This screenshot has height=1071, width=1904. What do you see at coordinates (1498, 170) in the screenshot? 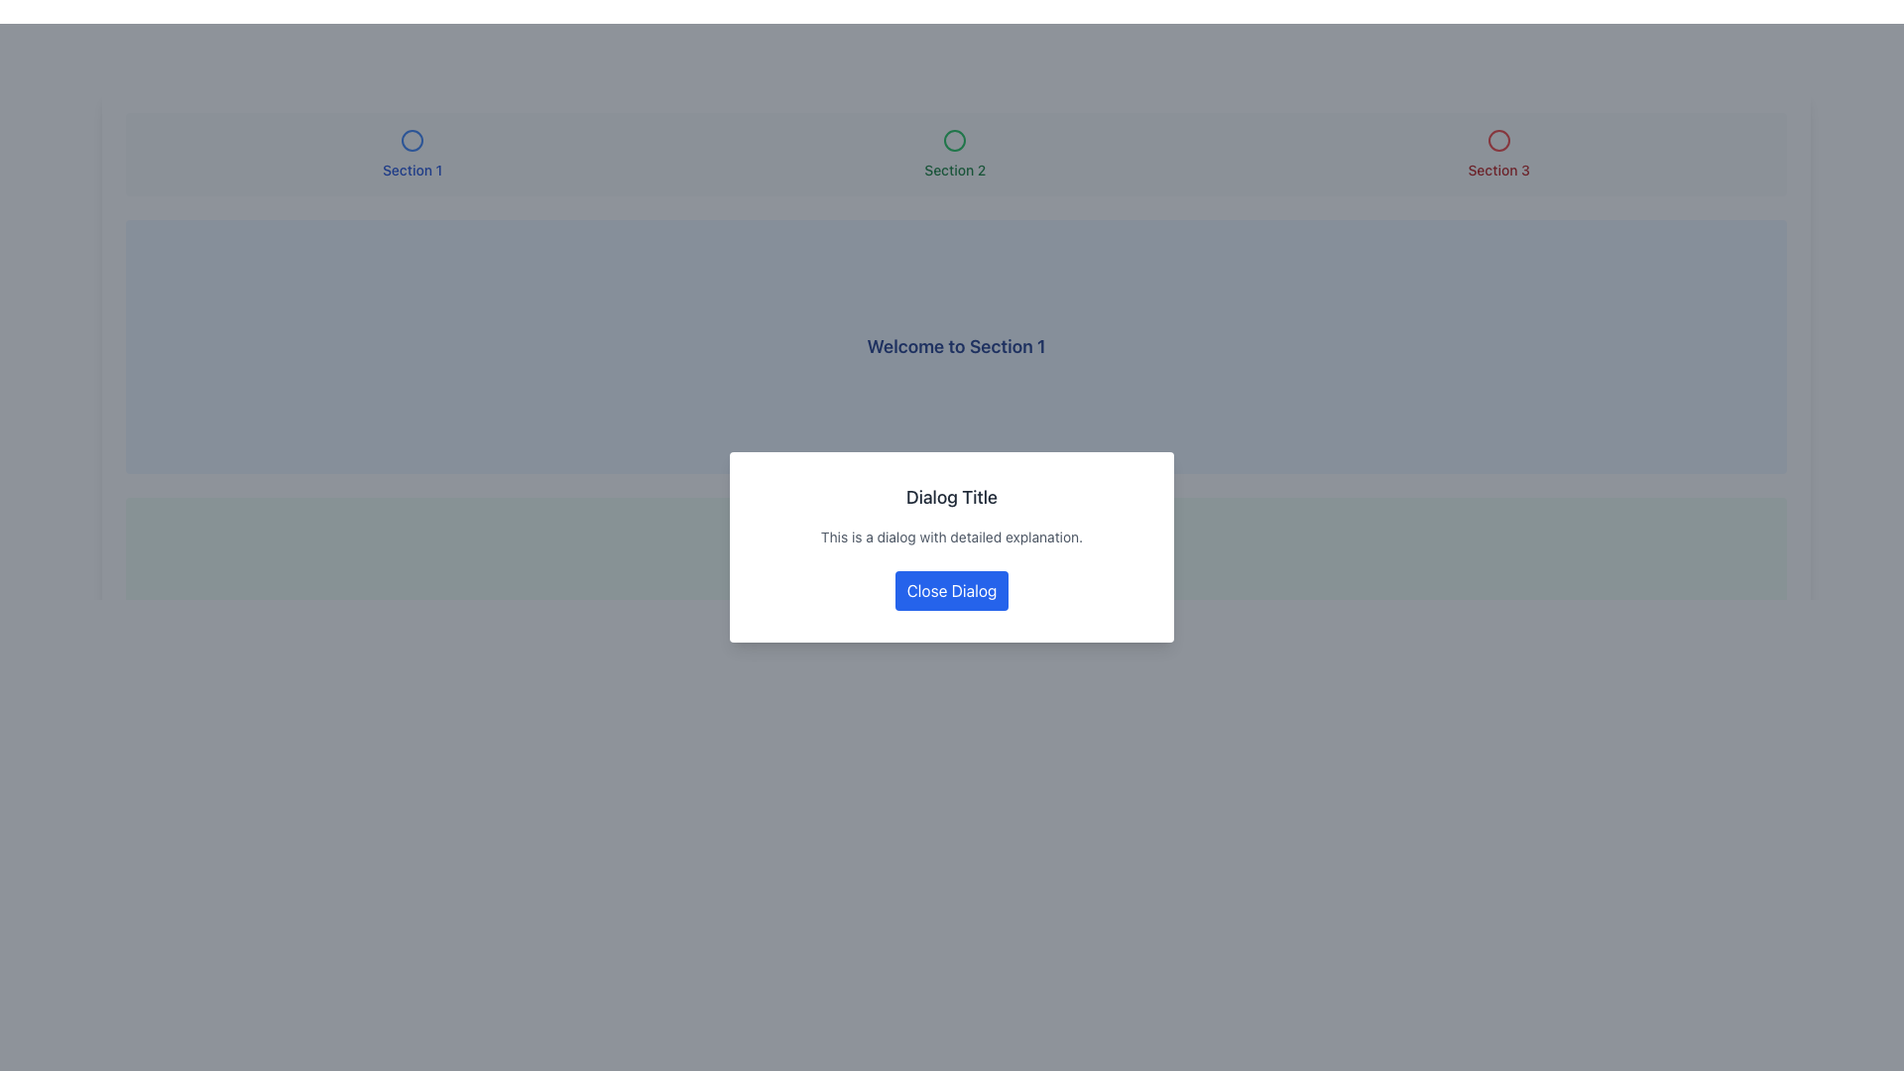
I see `the text label displaying 'Section 3' which is styled in bold red font and located below a circular icon in the upper-right part of the interface` at bounding box center [1498, 170].